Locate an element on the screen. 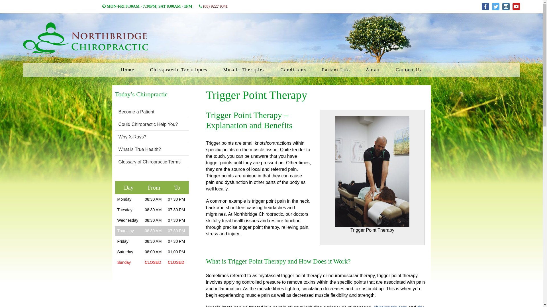 This screenshot has width=547, height=307. 'Home' is located at coordinates (127, 70).